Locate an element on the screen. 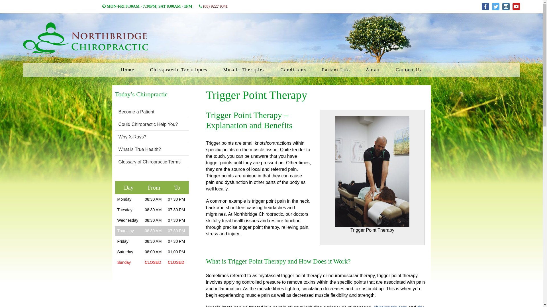 This screenshot has width=547, height=307. 'Home' is located at coordinates (127, 70).